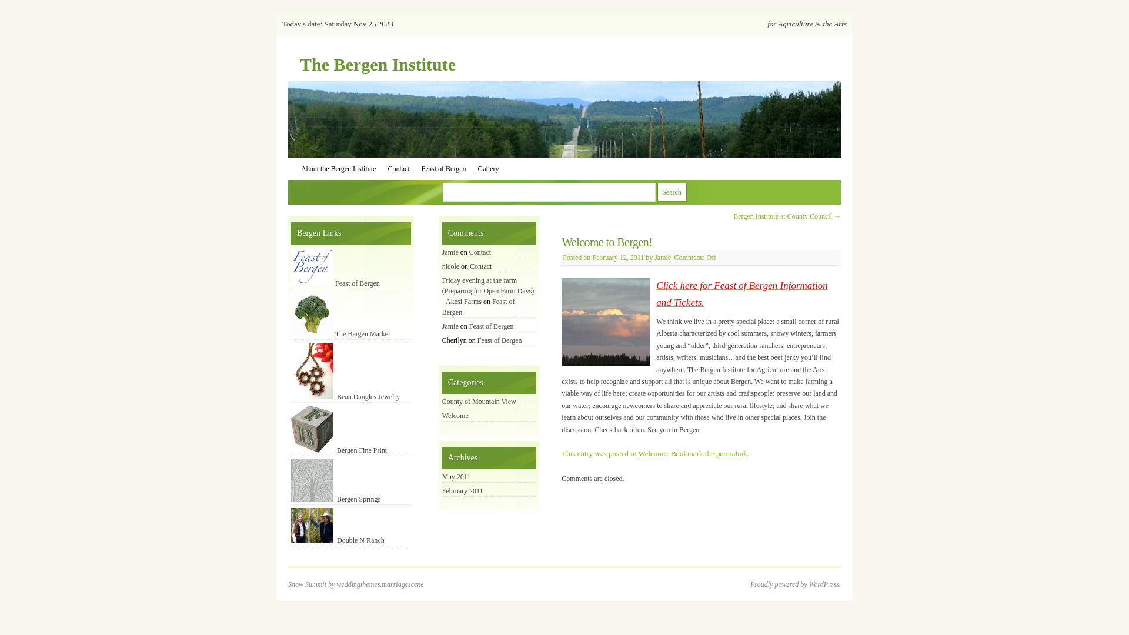 The width and height of the screenshot is (1129, 635). I want to click on ' Beau Dangles Jewelry', so click(345, 397).